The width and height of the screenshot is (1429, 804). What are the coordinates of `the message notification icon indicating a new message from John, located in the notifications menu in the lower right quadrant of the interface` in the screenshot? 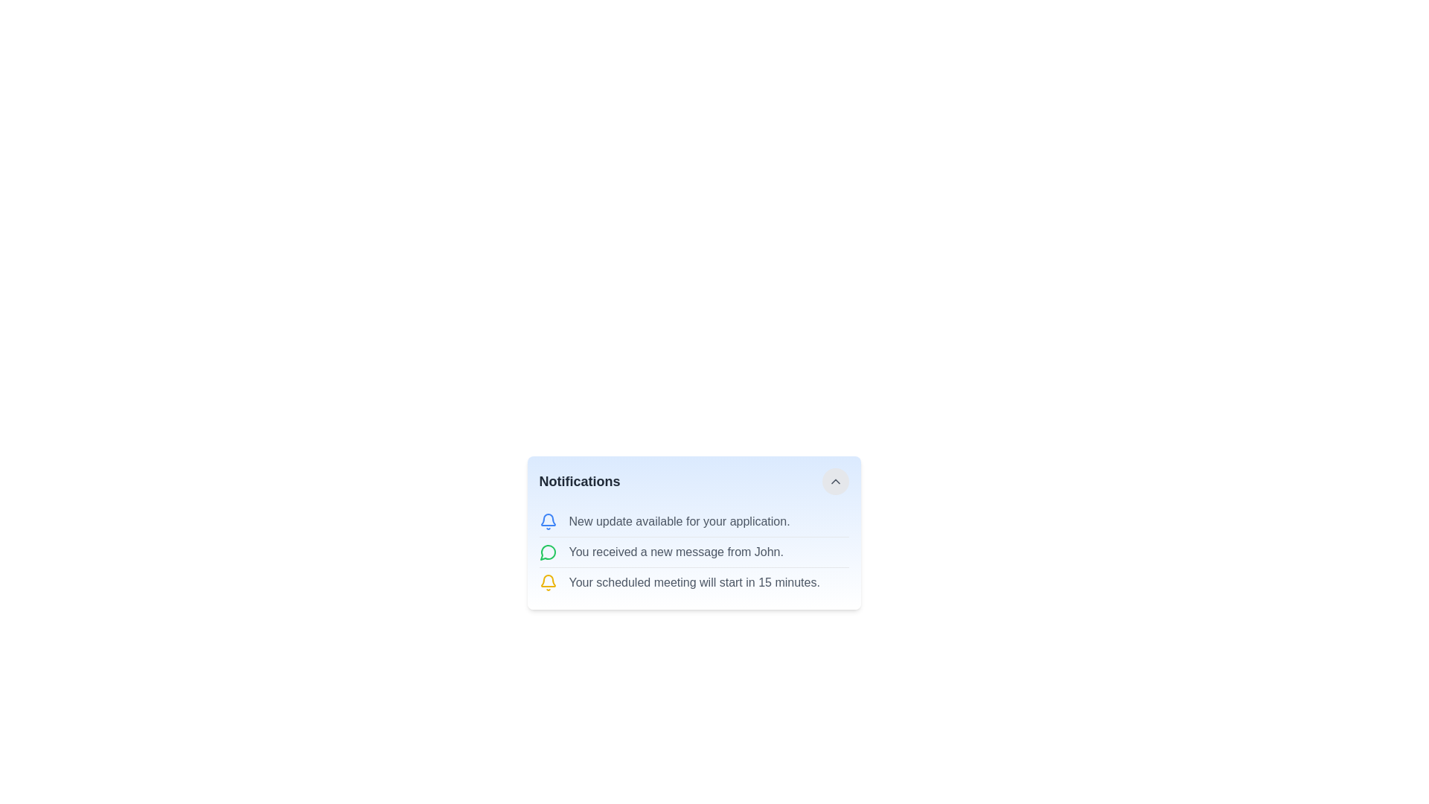 It's located at (547, 552).